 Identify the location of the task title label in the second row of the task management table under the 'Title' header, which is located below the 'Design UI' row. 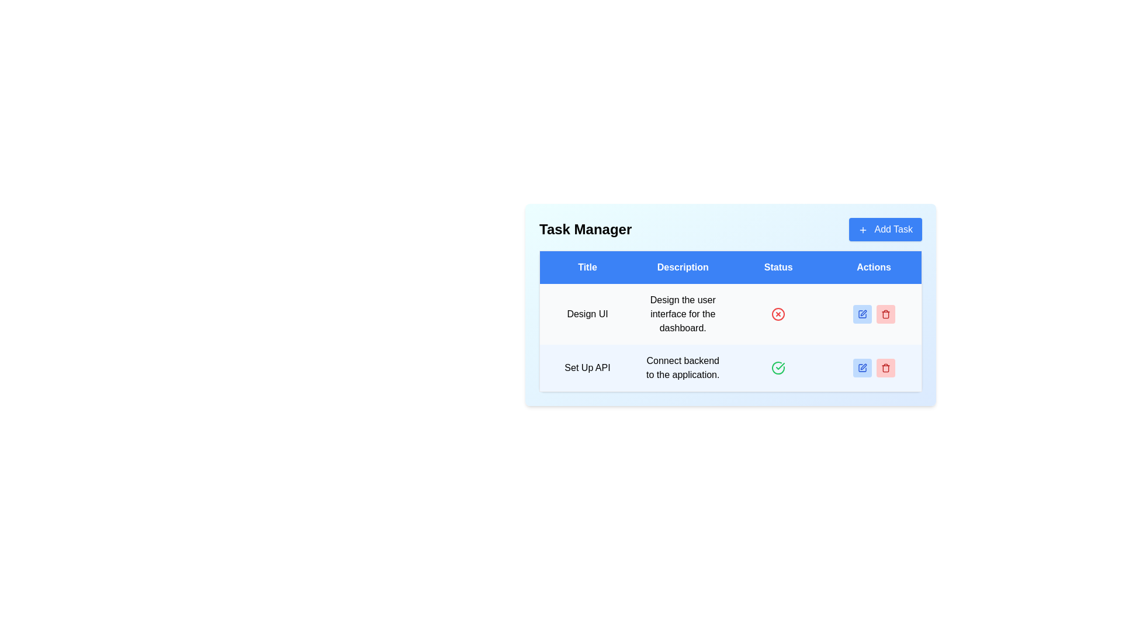
(587, 368).